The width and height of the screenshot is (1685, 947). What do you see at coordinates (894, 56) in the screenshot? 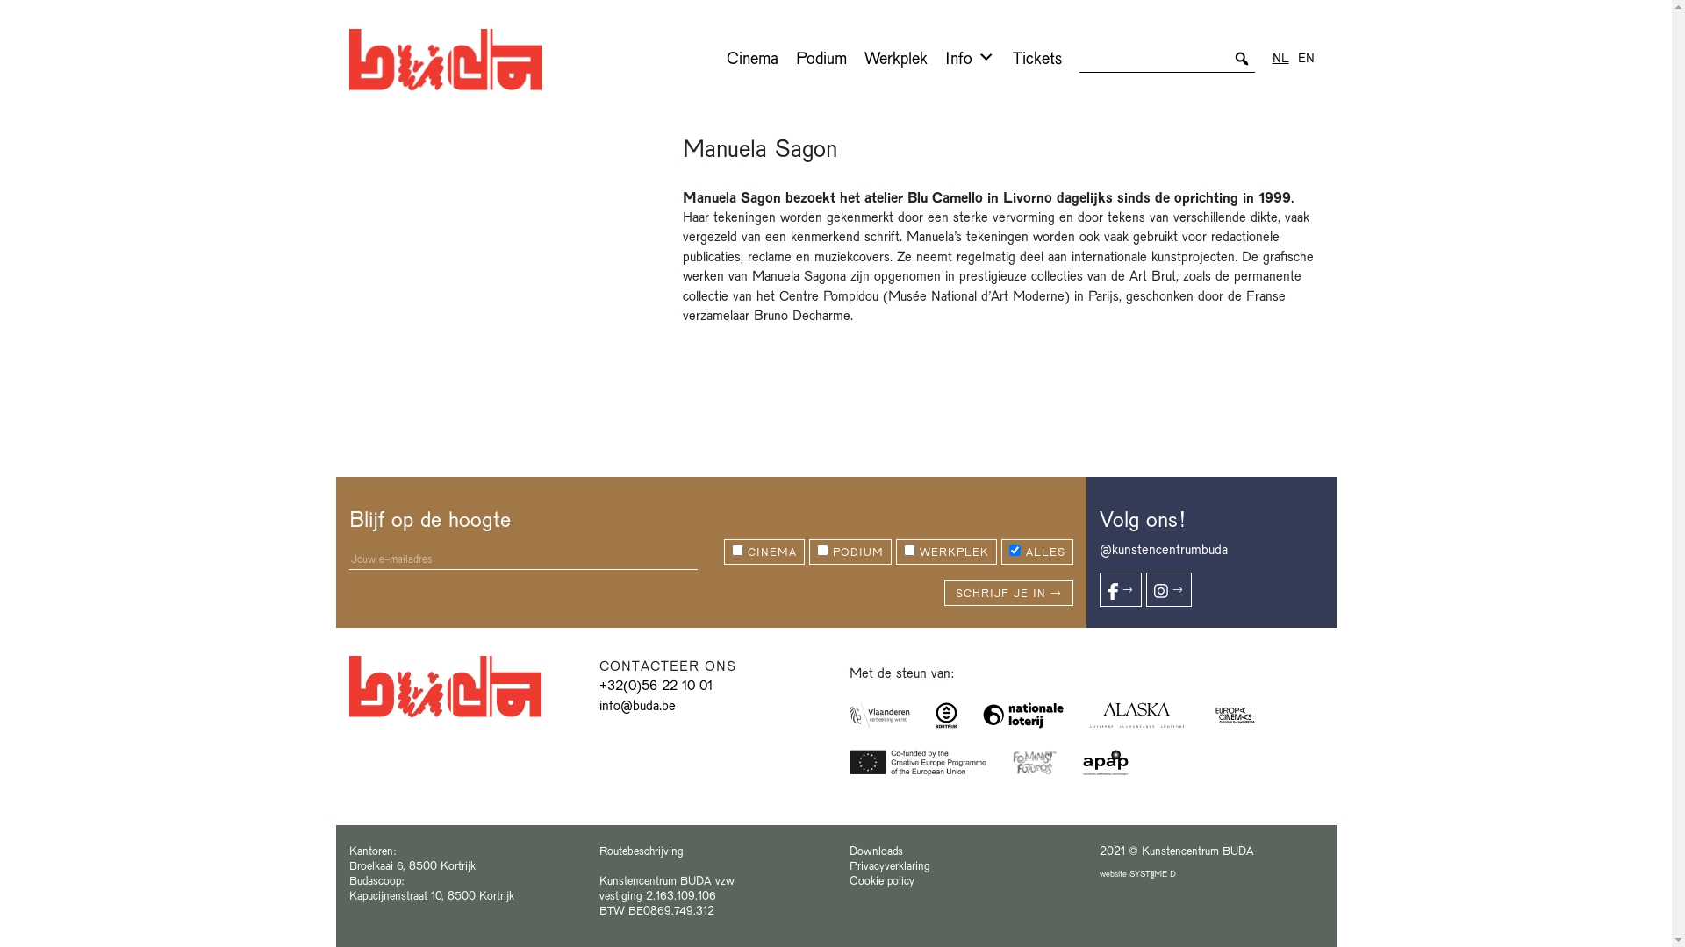
I see `'Werkplek'` at bounding box center [894, 56].